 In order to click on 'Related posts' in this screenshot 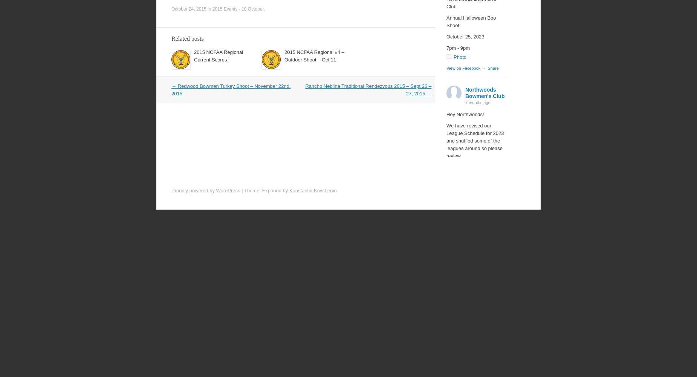, I will do `click(187, 38)`.